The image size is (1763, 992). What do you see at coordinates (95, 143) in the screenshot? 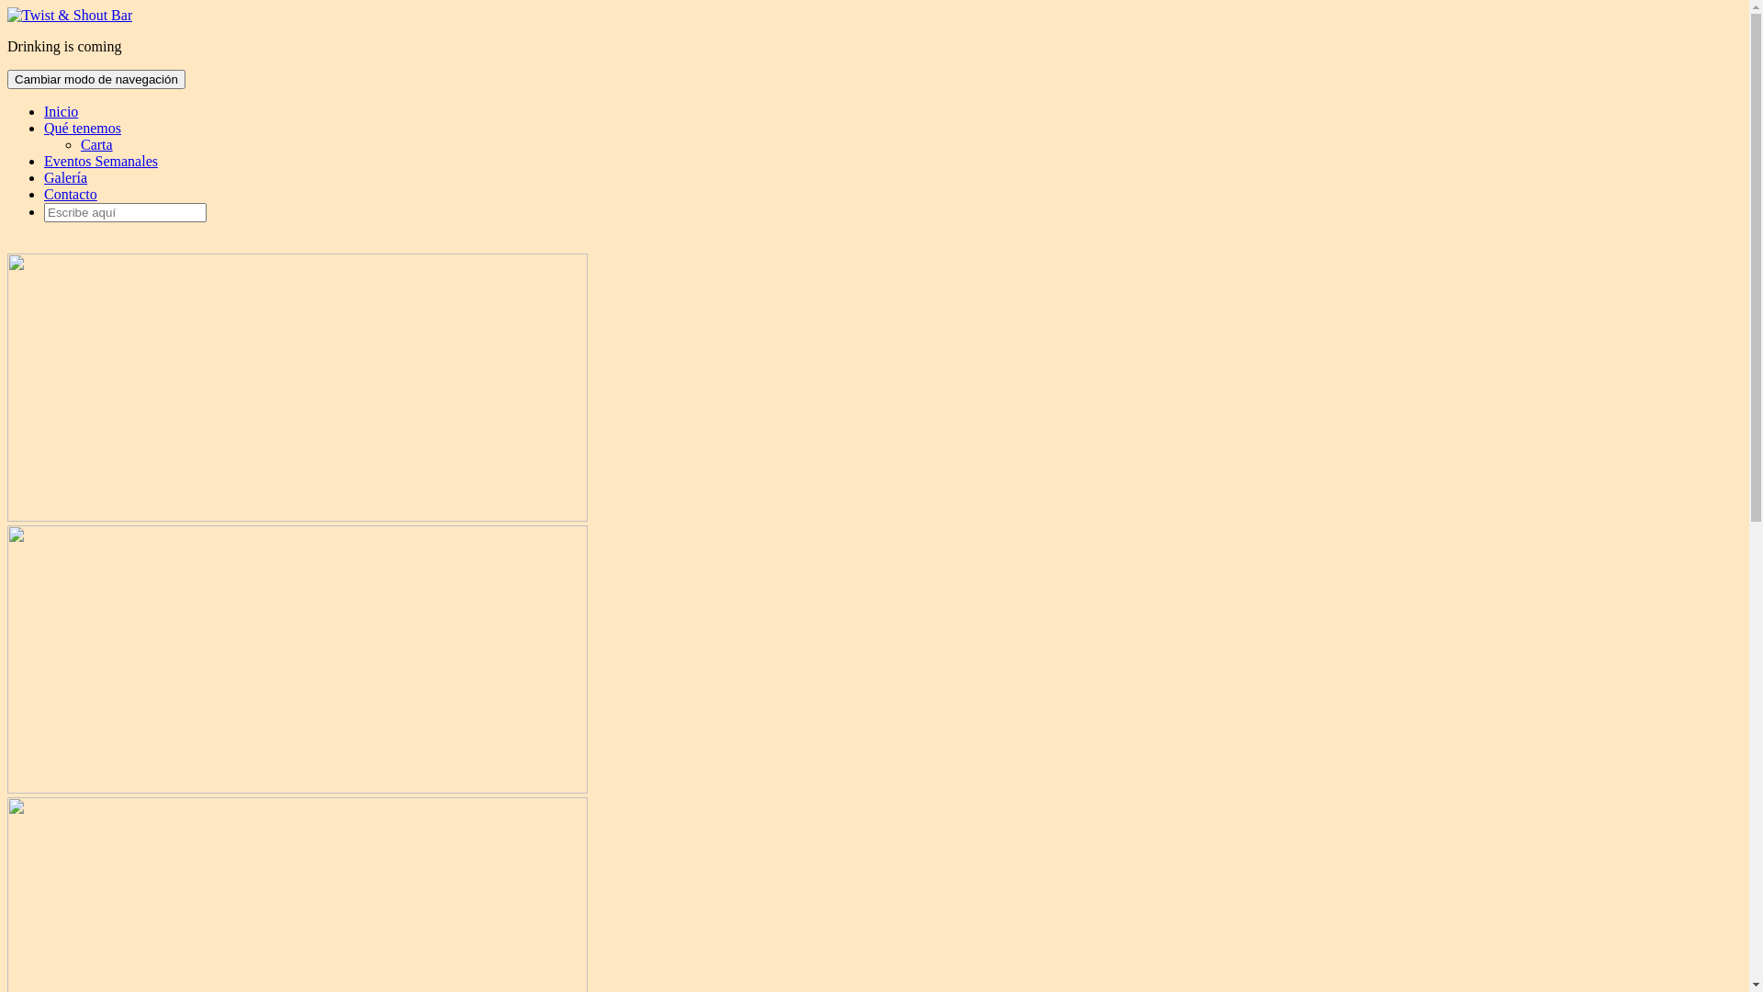
I see `'Carta'` at bounding box center [95, 143].